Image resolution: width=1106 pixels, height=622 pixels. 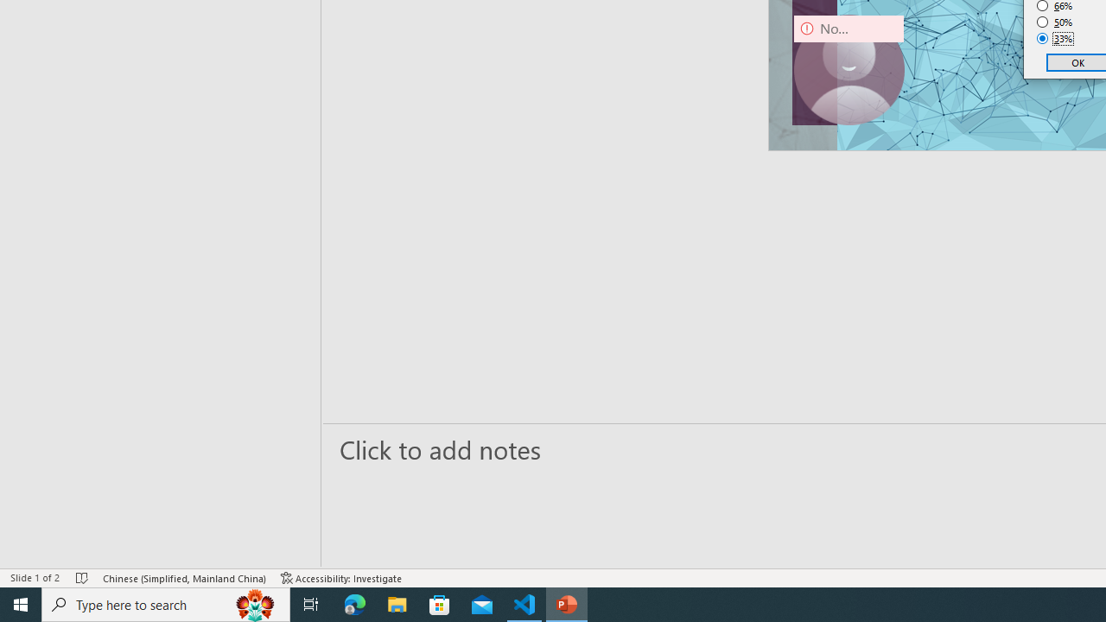 What do you see at coordinates (1054, 39) in the screenshot?
I see `'33%'` at bounding box center [1054, 39].